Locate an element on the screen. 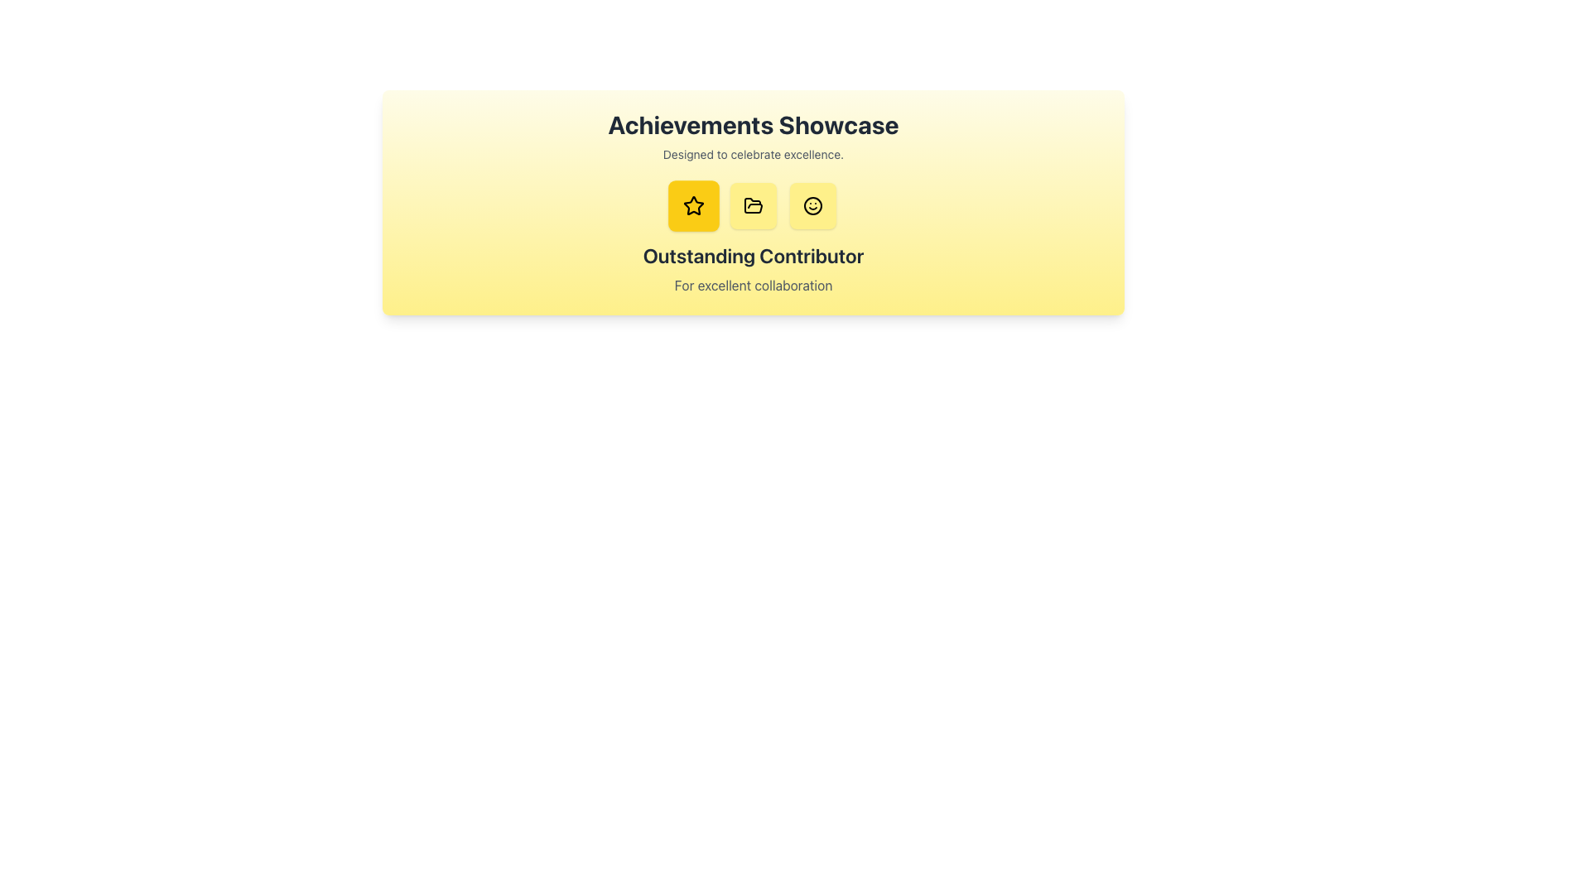 Image resolution: width=1590 pixels, height=894 pixels. the 'favorite' button located in the 'Achievements Showcase' section, which is the leftmost of three rounded icon buttons is located at coordinates (694, 205).